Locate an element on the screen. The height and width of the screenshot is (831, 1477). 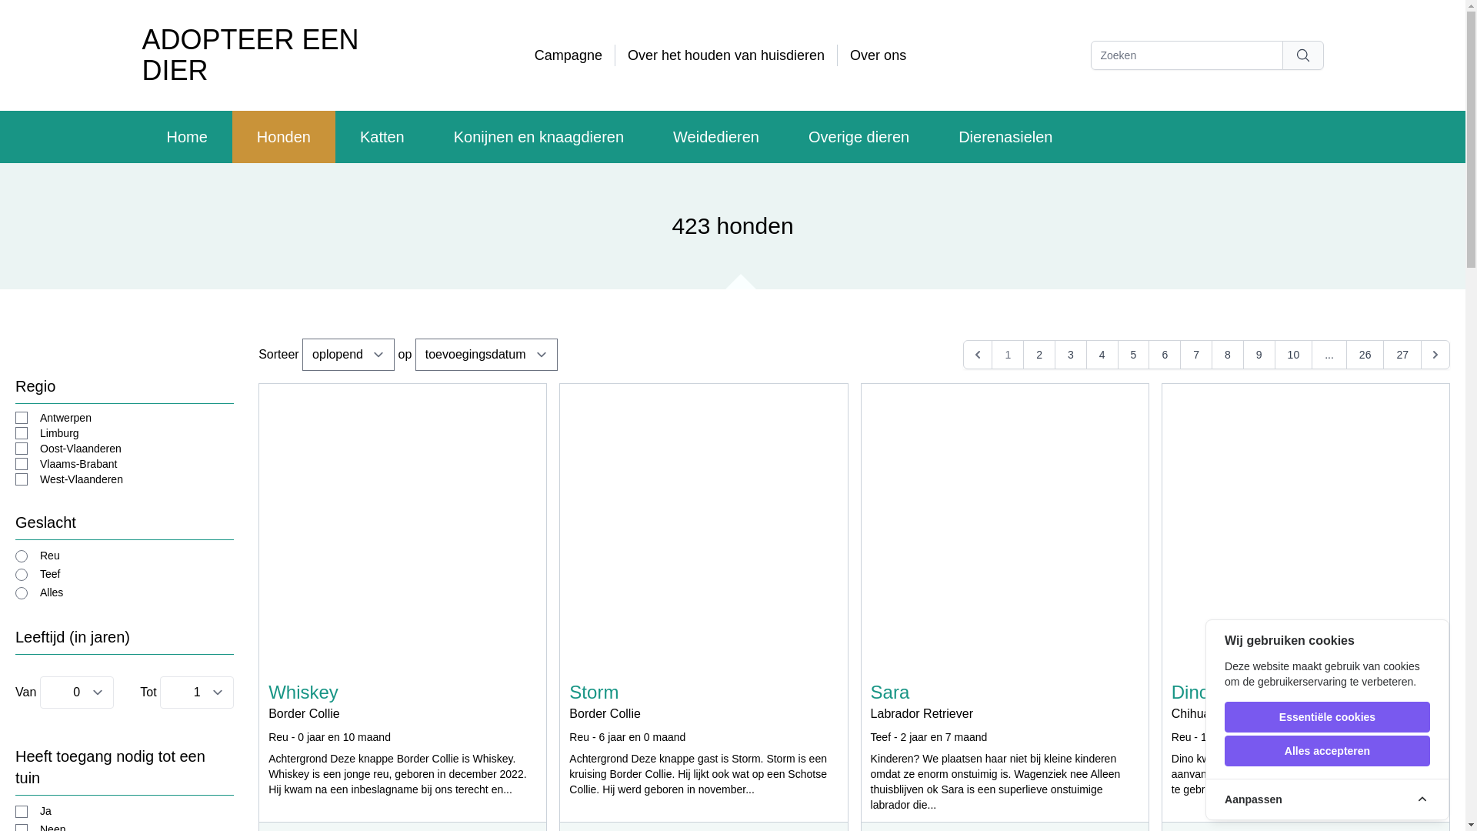
'7' is located at coordinates (1195, 355).